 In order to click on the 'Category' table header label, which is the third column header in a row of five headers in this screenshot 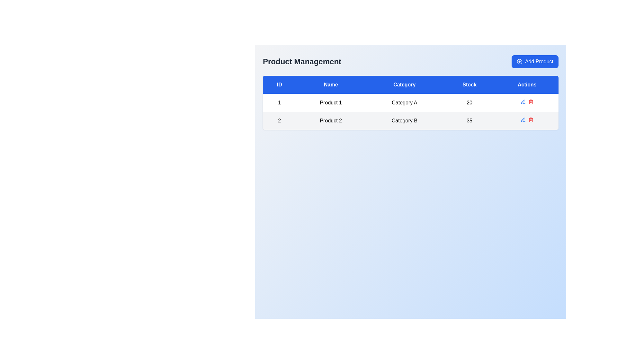, I will do `click(404, 84)`.